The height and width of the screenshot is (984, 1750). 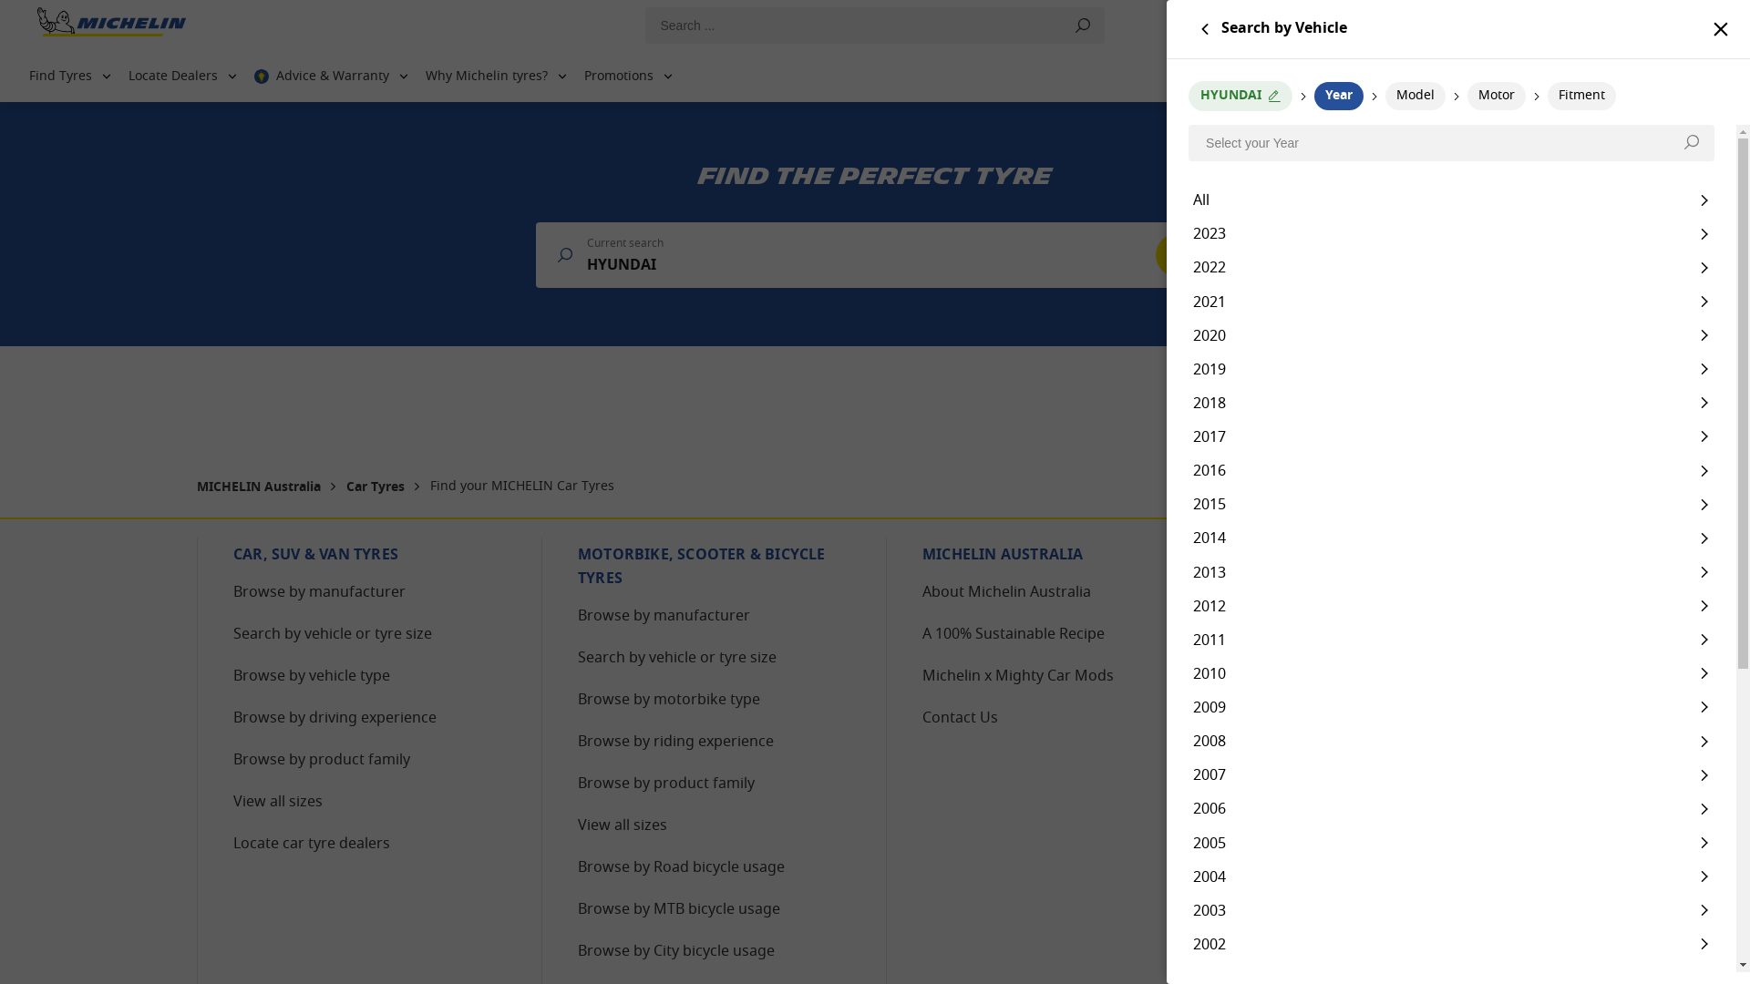 I want to click on 'MICHELIN Australia', so click(x=260, y=487).